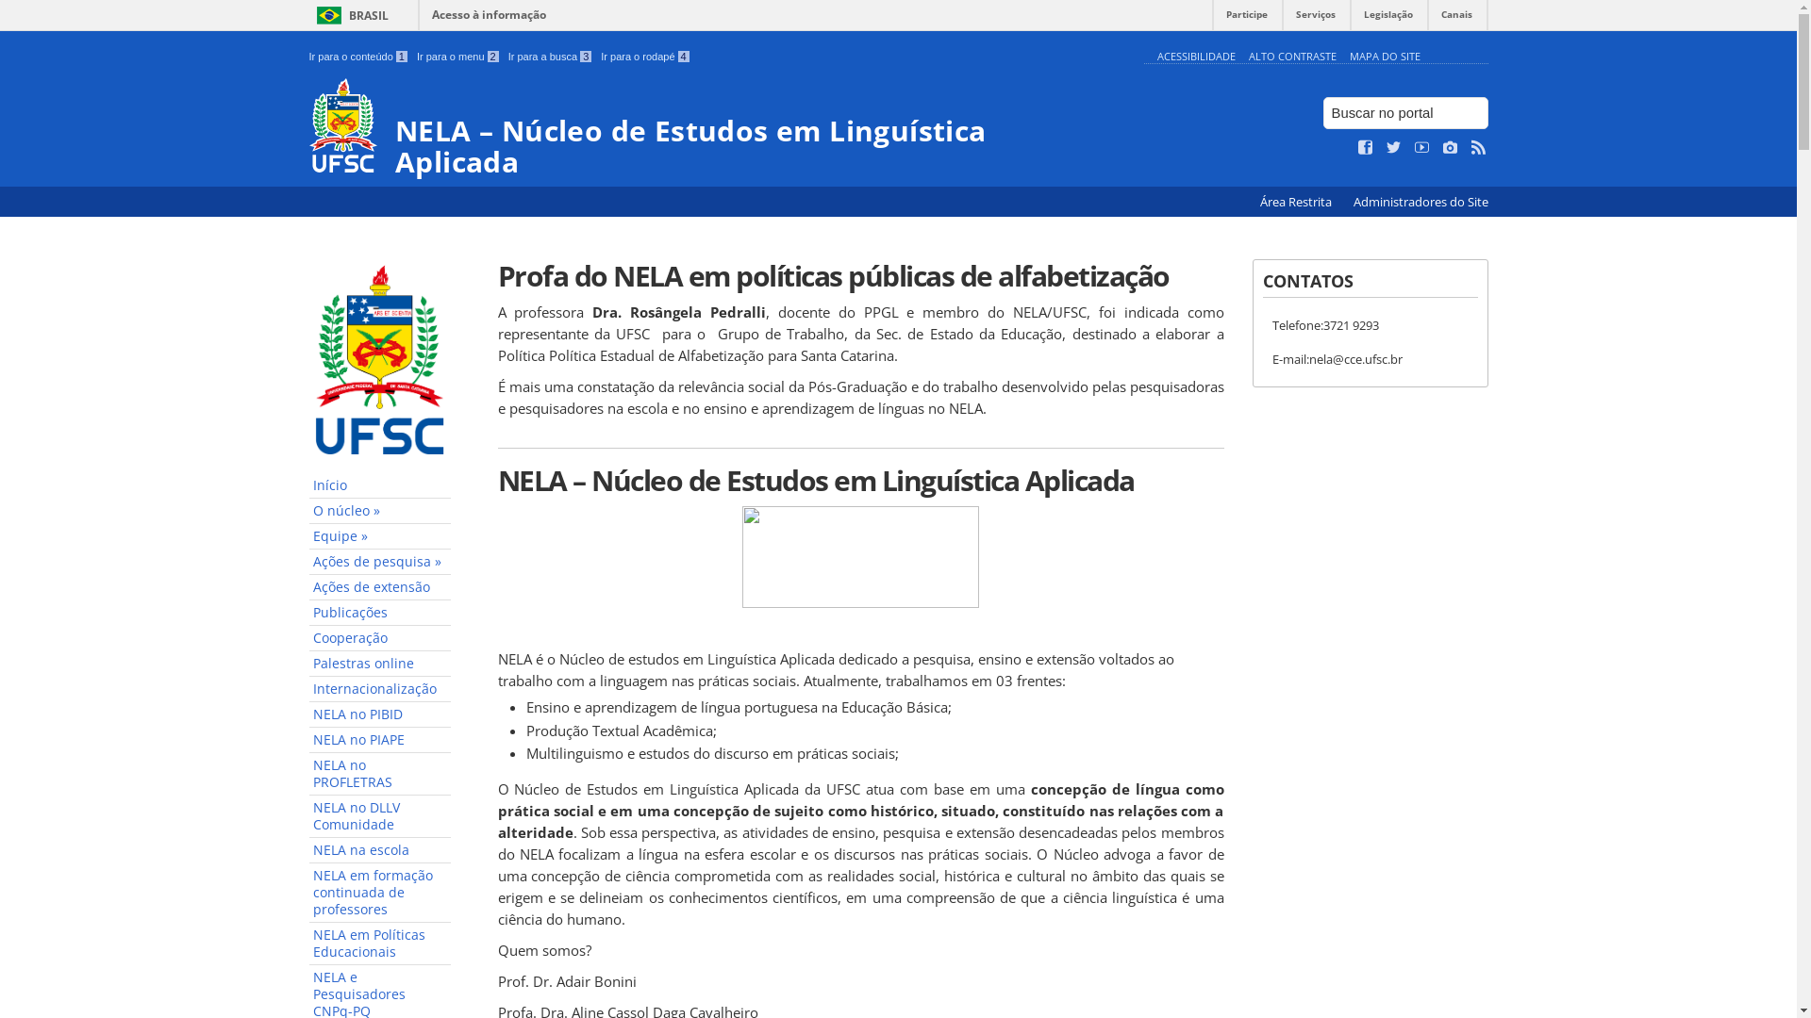 This screenshot has width=1811, height=1018. I want to click on 'ACESSIBILIDADE', so click(1194, 55).